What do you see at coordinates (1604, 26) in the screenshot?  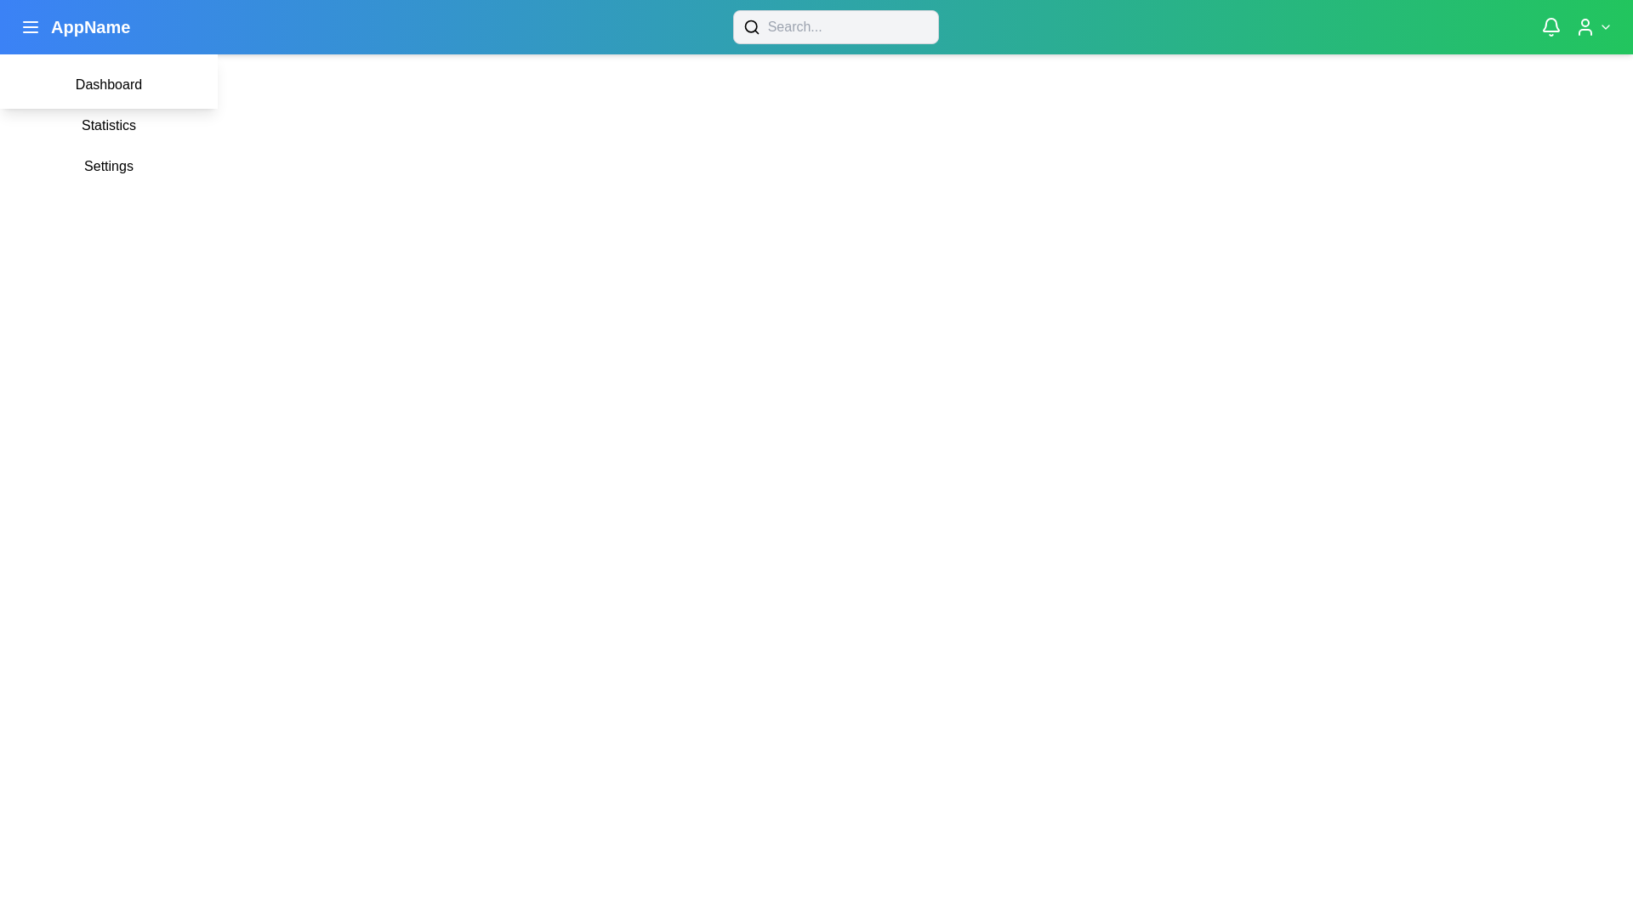 I see `the chevron icon indicating a dropdown menu` at bounding box center [1604, 26].